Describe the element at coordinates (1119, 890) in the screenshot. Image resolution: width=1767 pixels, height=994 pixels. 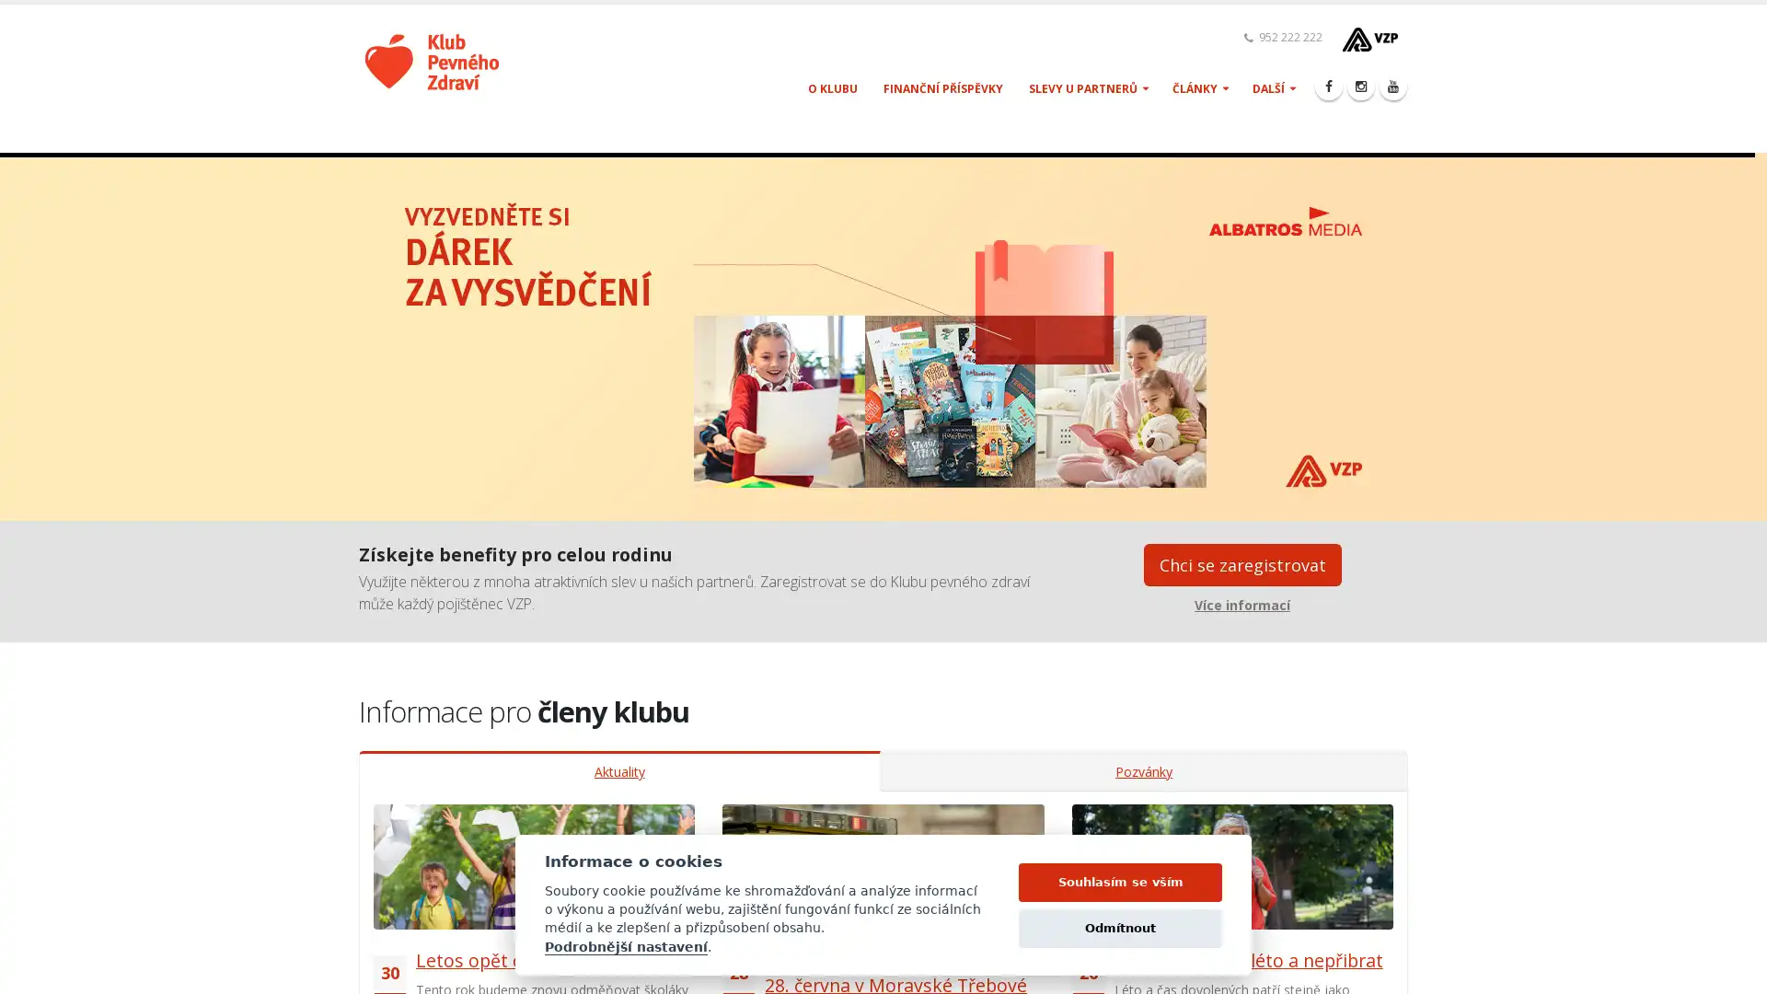
I see `Souhlasim se vsim` at that location.